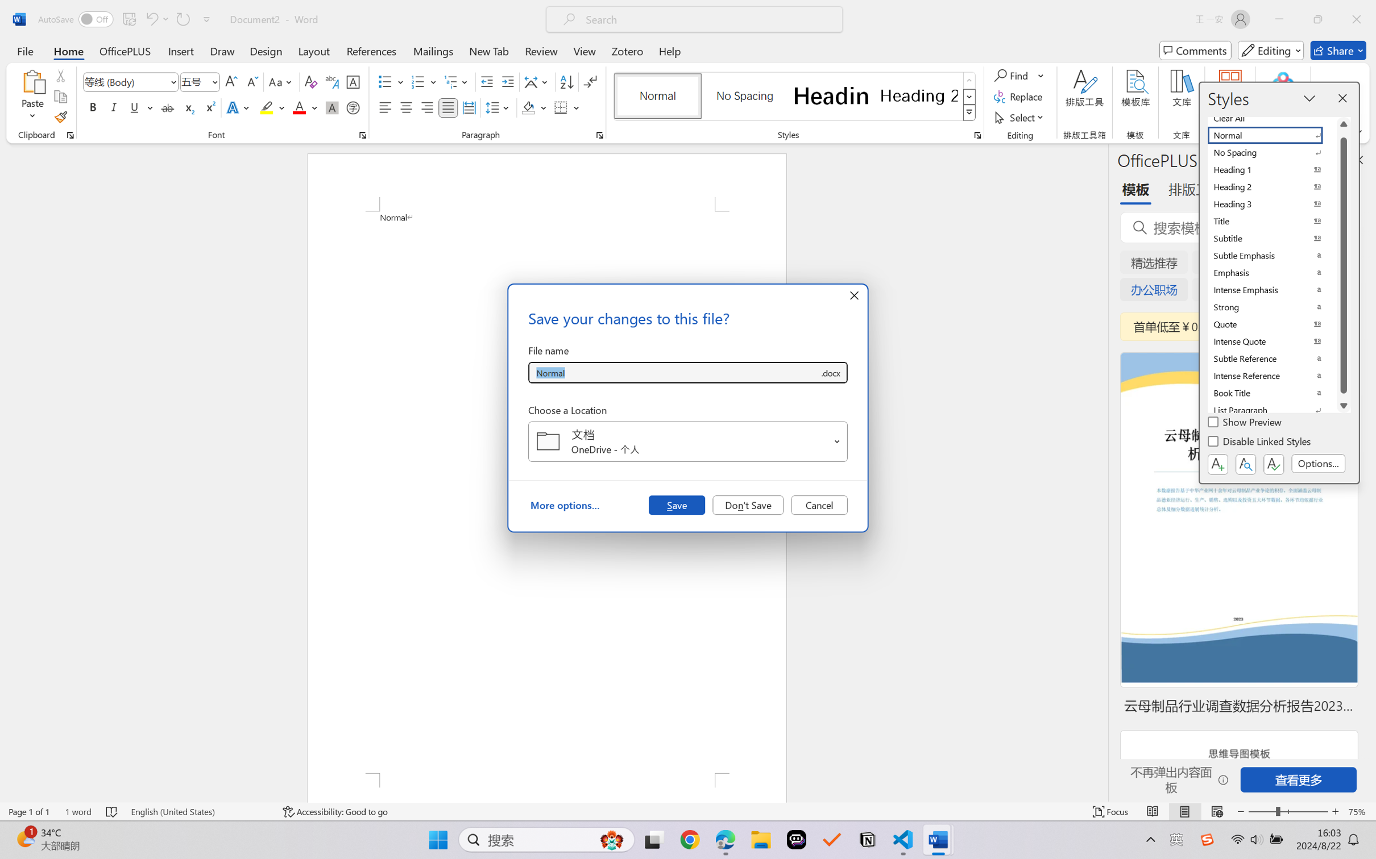 The height and width of the screenshot is (859, 1376). Describe the element at coordinates (239, 107) in the screenshot. I see `'Text Effects and Typography'` at that location.